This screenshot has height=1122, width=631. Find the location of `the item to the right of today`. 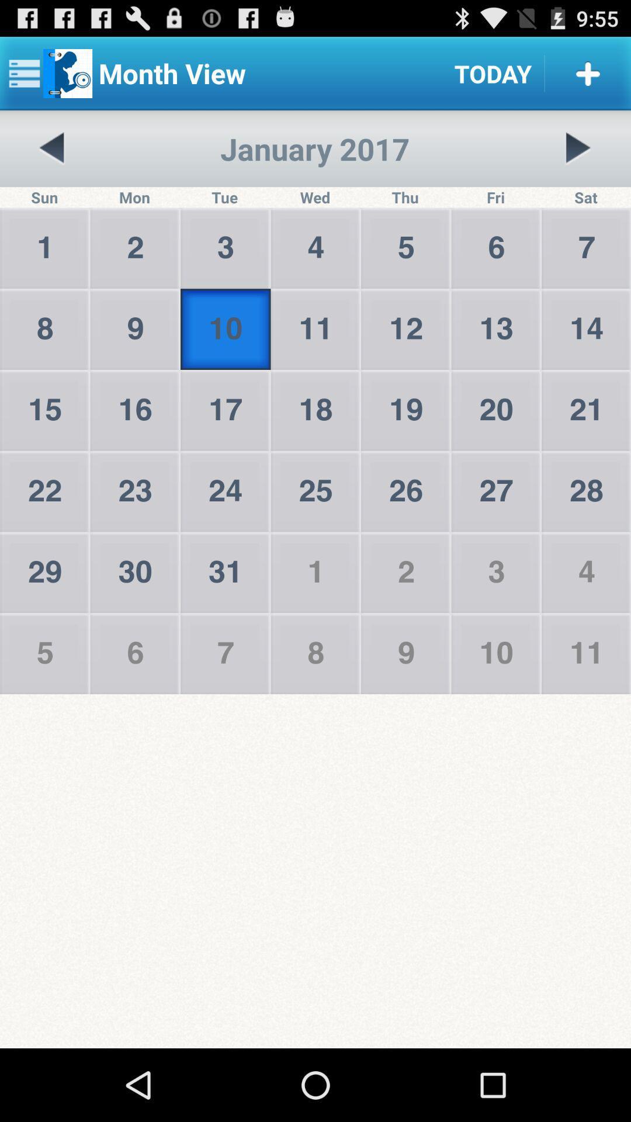

the item to the right of today is located at coordinates (588, 72).